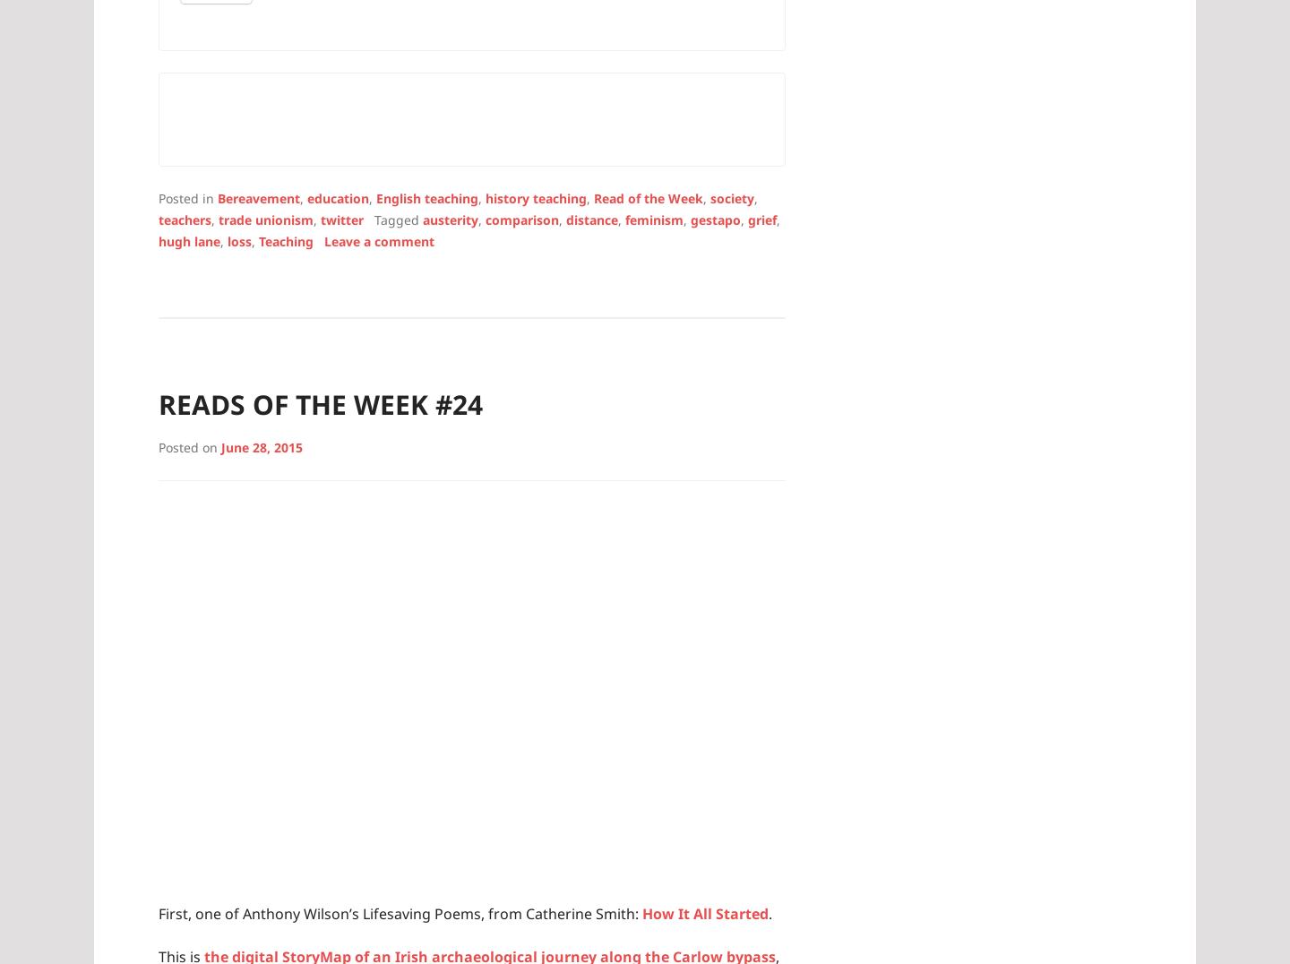  I want to click on 'comparison', so click(522, 219).